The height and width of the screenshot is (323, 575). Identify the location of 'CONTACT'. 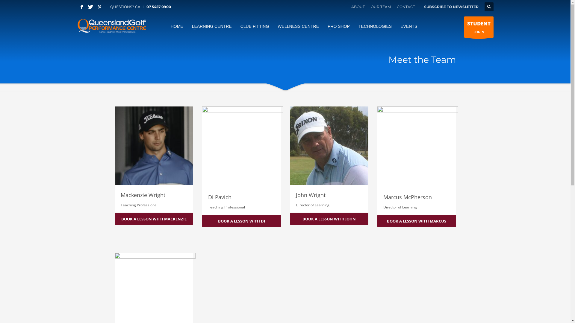
(397, 7).